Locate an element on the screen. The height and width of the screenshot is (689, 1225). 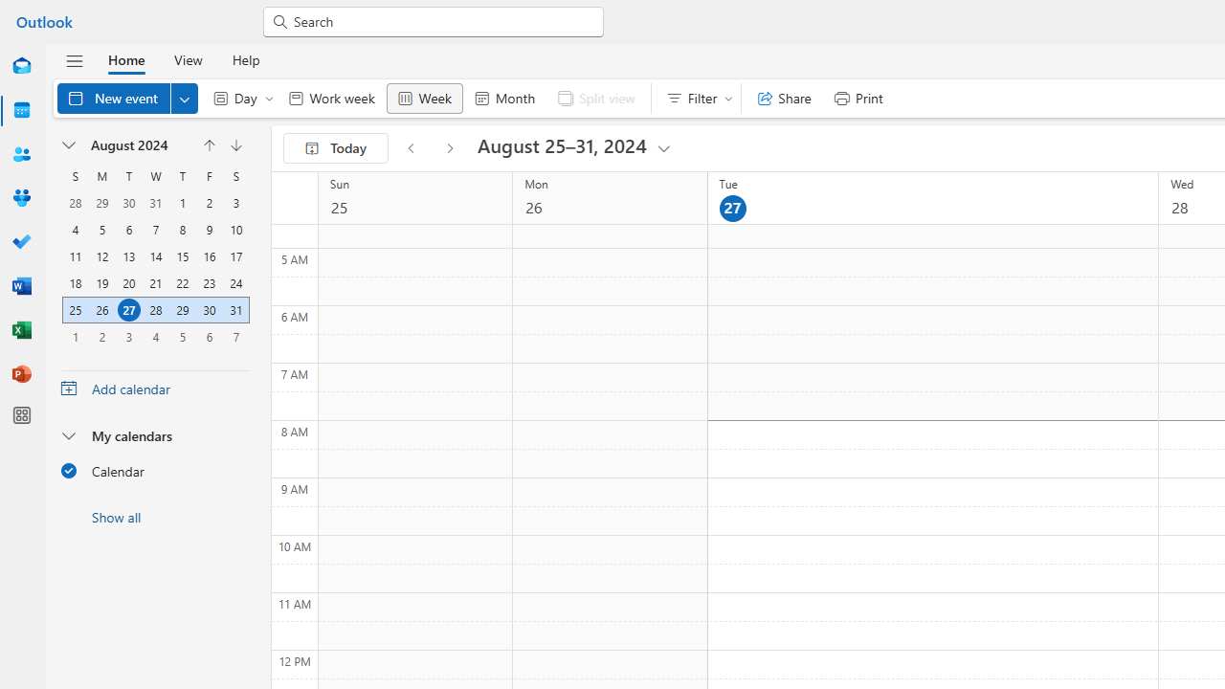
'Word' is located at coordinates (22, 286).